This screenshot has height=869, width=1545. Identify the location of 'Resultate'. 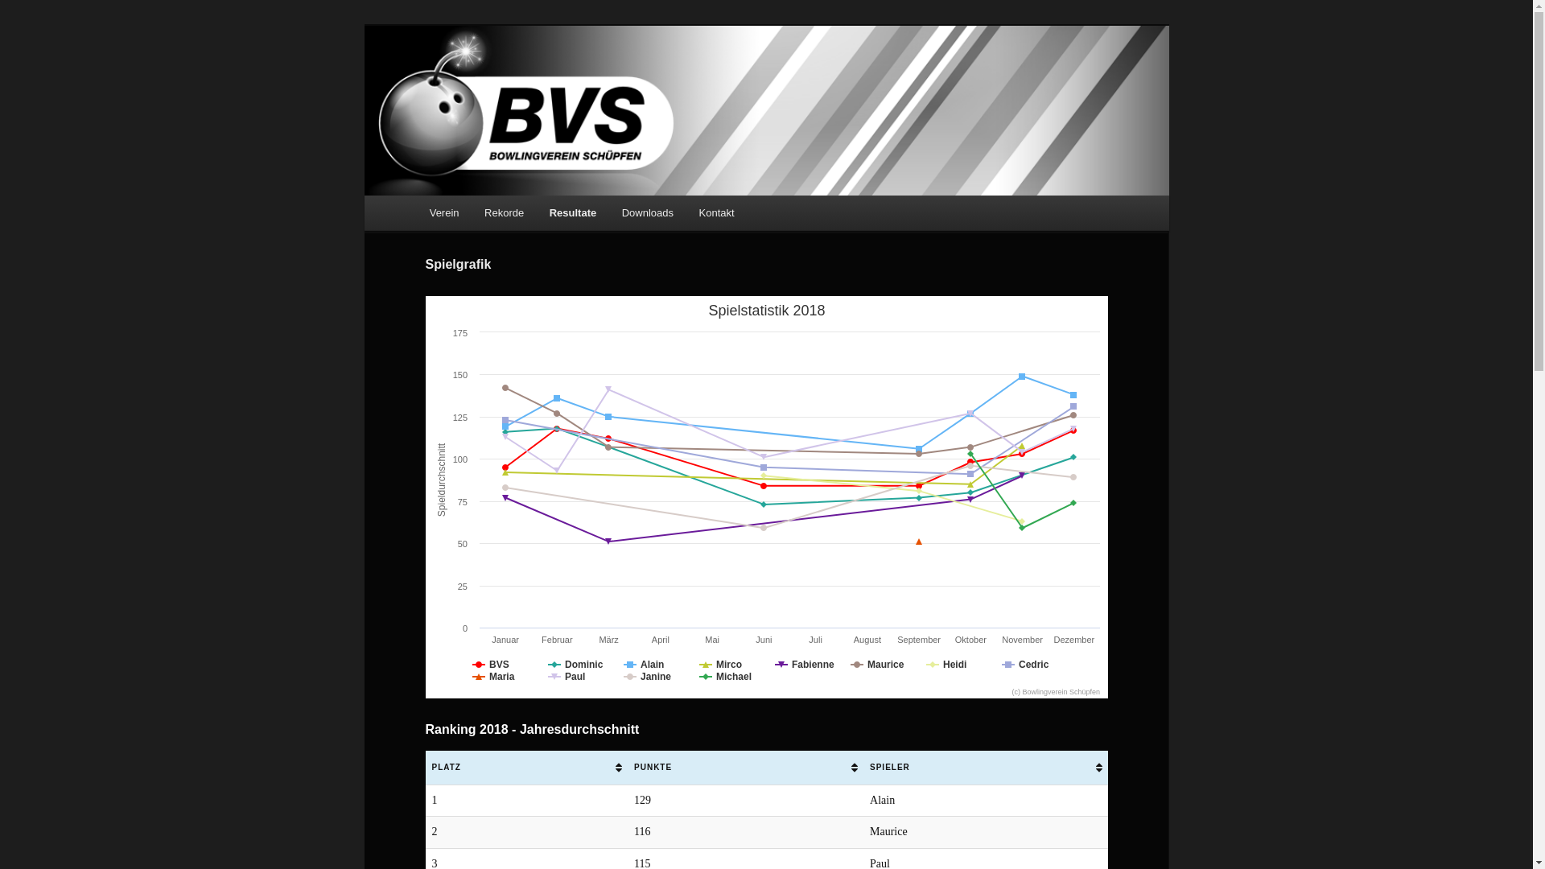
(537, 212).